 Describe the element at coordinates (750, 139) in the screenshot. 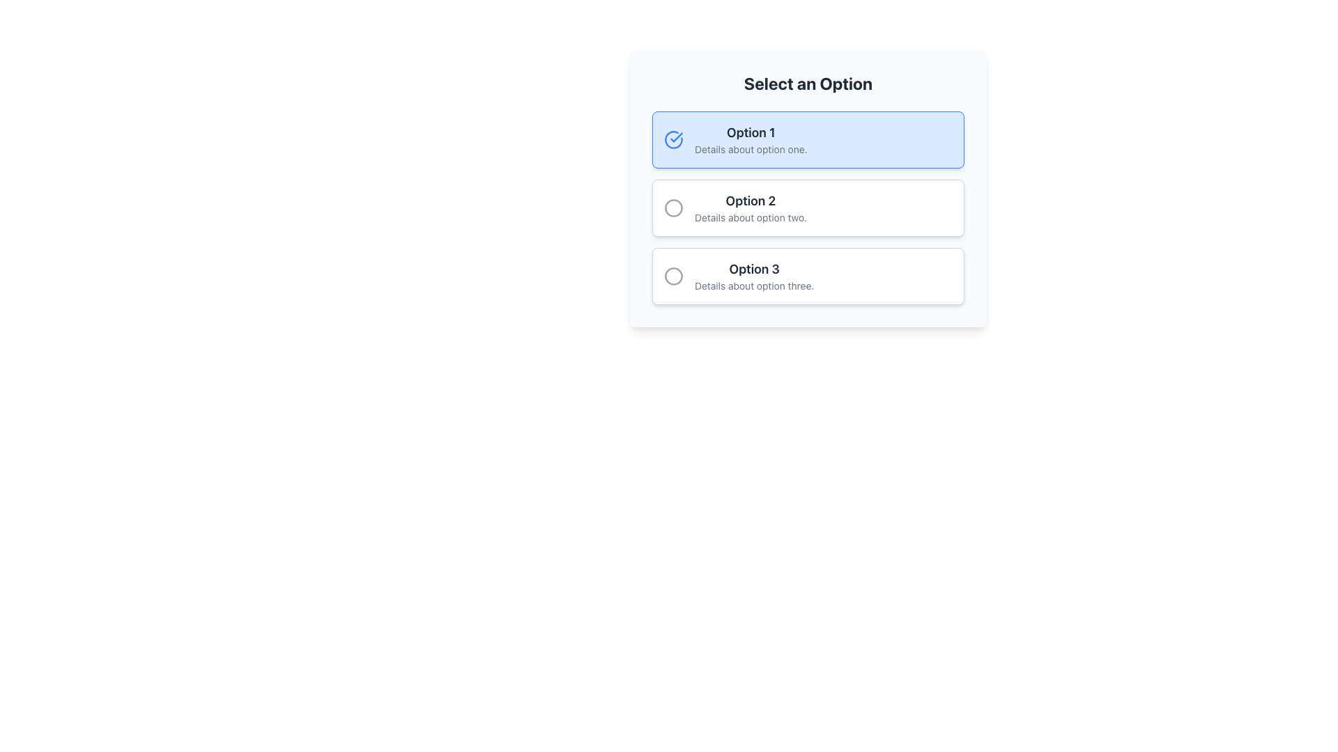

I see `the first item in the vertically aligned list of selectable options, which has a blue border and light blue background` at that location.